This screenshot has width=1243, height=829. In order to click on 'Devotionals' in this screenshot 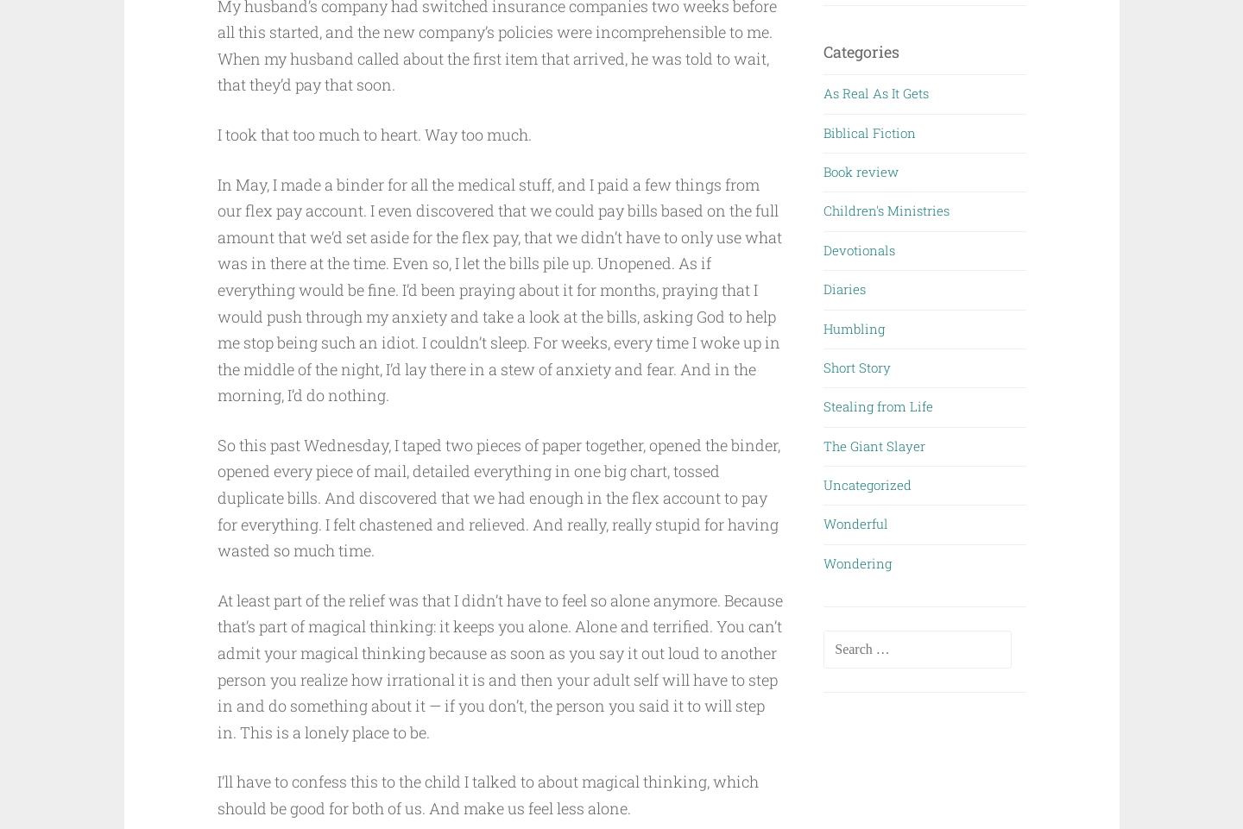, I will do `click(823, 248)`.